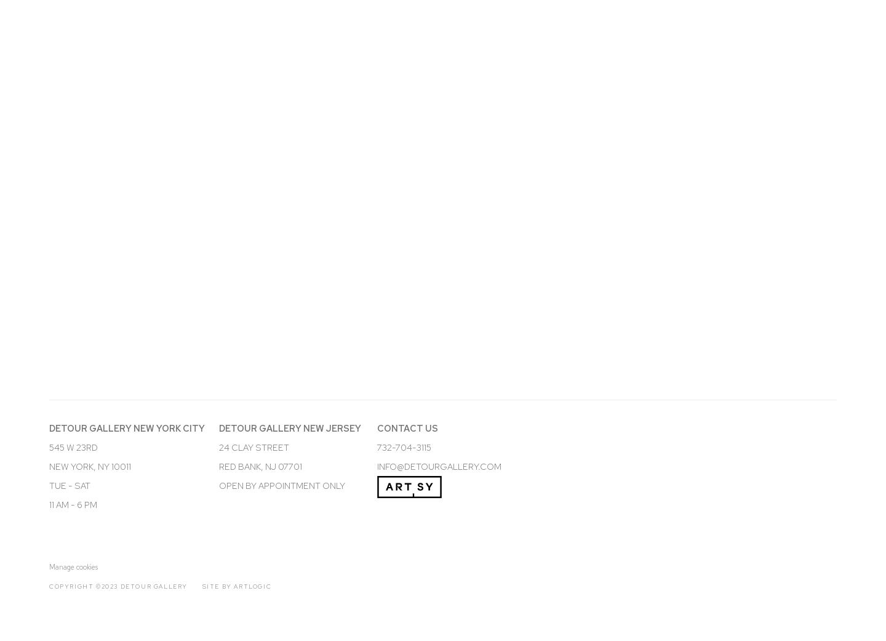 The width and height of the screenshot is (886, 641). What do you see at coordinates (403, 446) in the screenshot?
I see `'732-704-3115'` at bounding box center [403, 446].